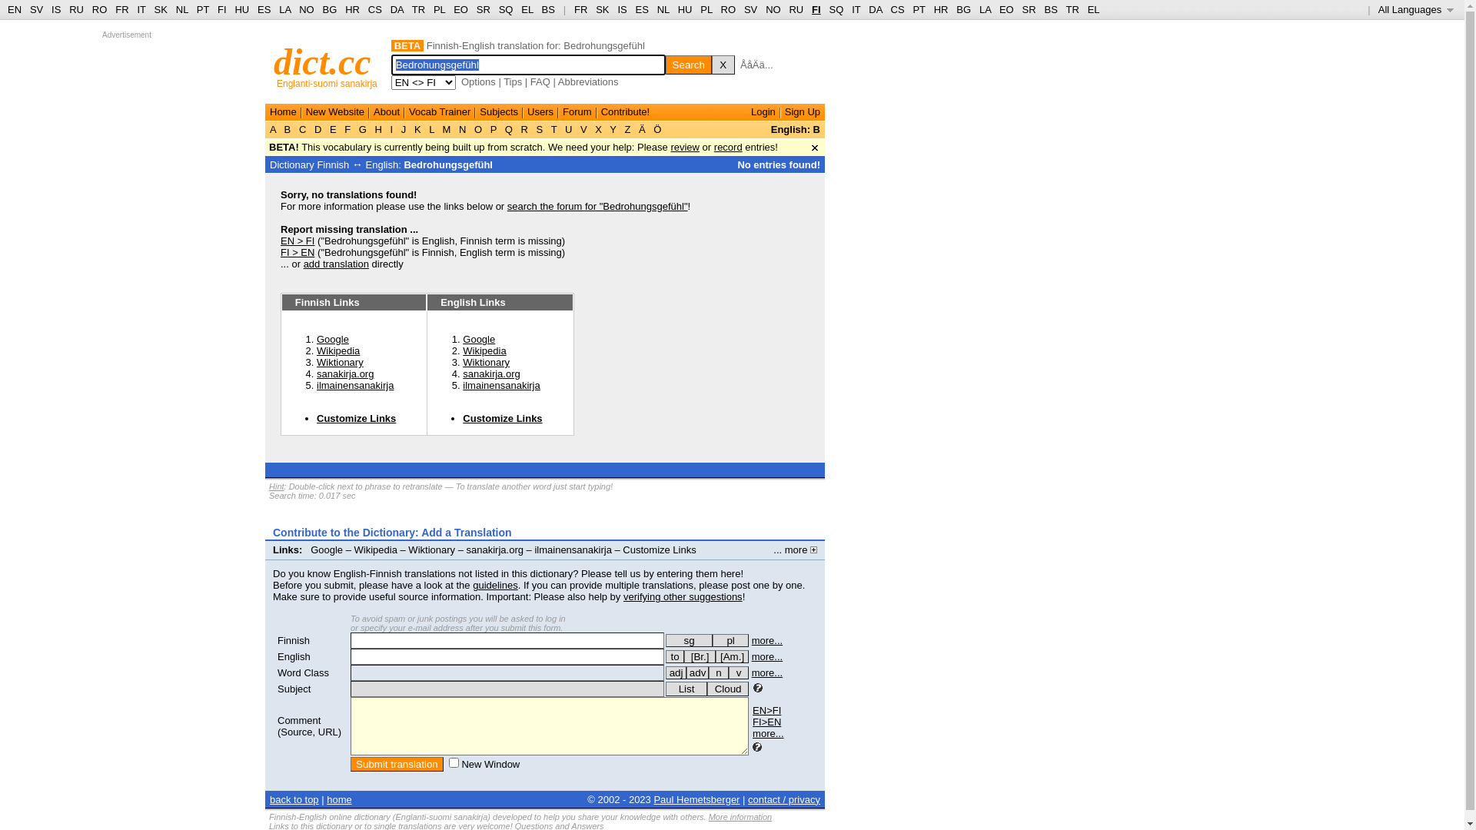 Image resolution: width=1476 pixels, height=830 pixels. I want to click on 'EO', so click(1006, 9).